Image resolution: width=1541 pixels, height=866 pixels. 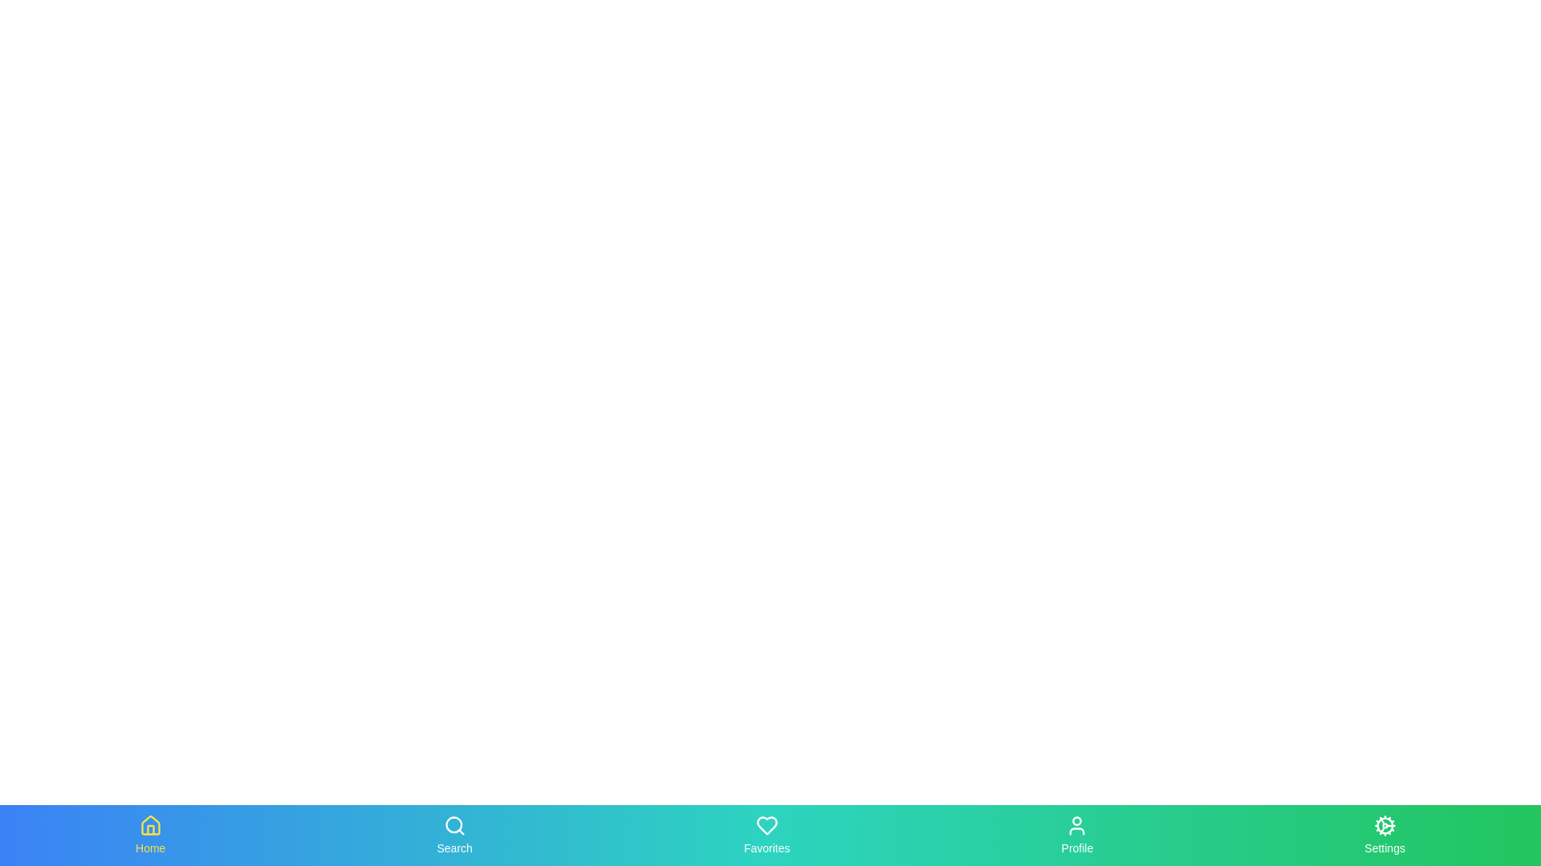 What do you see at coordinates (453, 834) in the screenshot?
I see `the Search tab in the bottom navigation` at bounding box center [453, 834].